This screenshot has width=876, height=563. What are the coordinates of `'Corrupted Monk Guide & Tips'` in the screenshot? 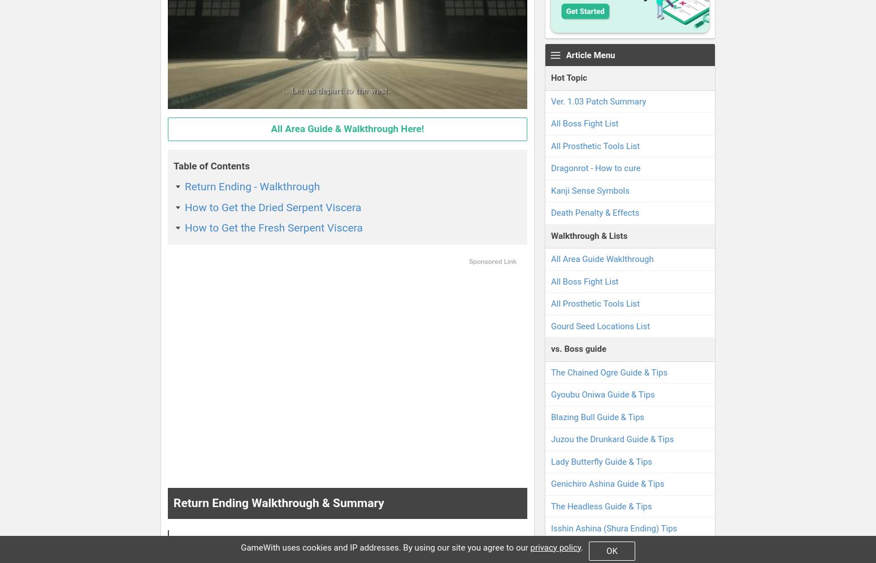 It's located at (550, 549).